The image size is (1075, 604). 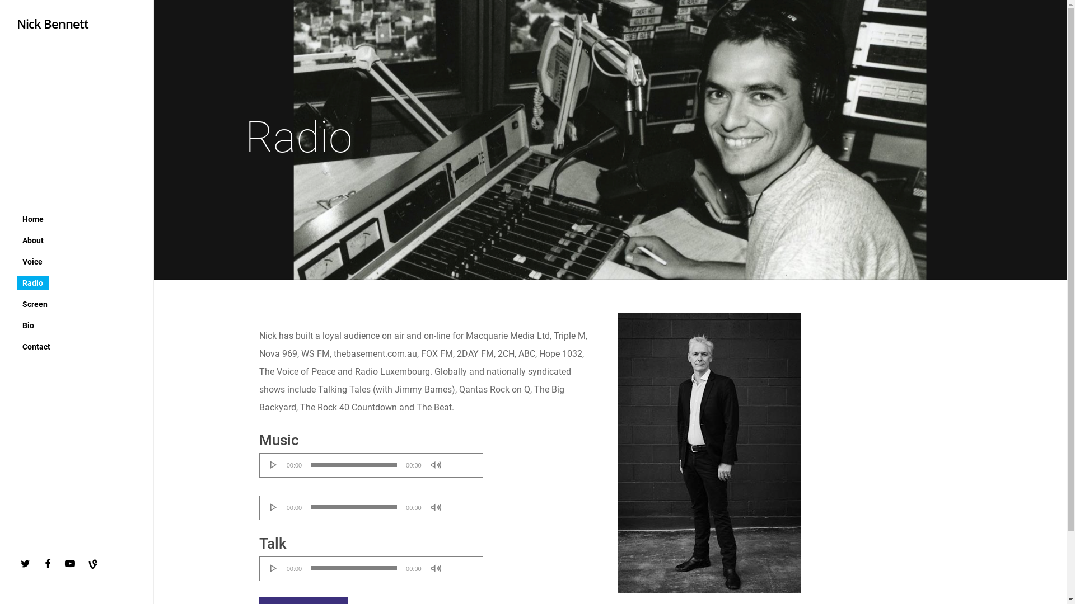 I want to click on 'Mute', so click(x=430, y=464).